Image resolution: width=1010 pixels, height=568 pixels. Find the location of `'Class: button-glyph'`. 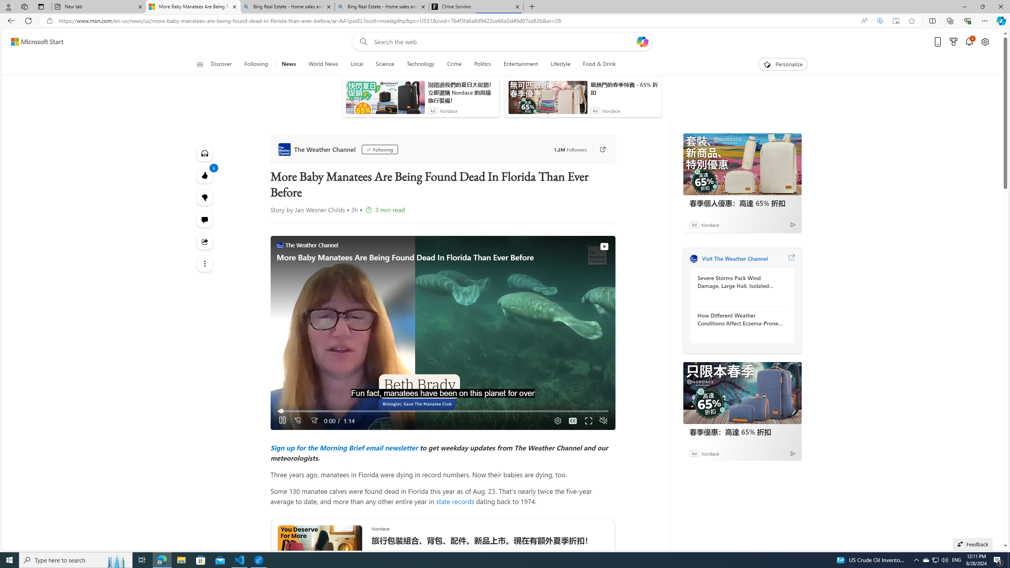

'Class: button-glyph' is located at coordinates (199, 64).